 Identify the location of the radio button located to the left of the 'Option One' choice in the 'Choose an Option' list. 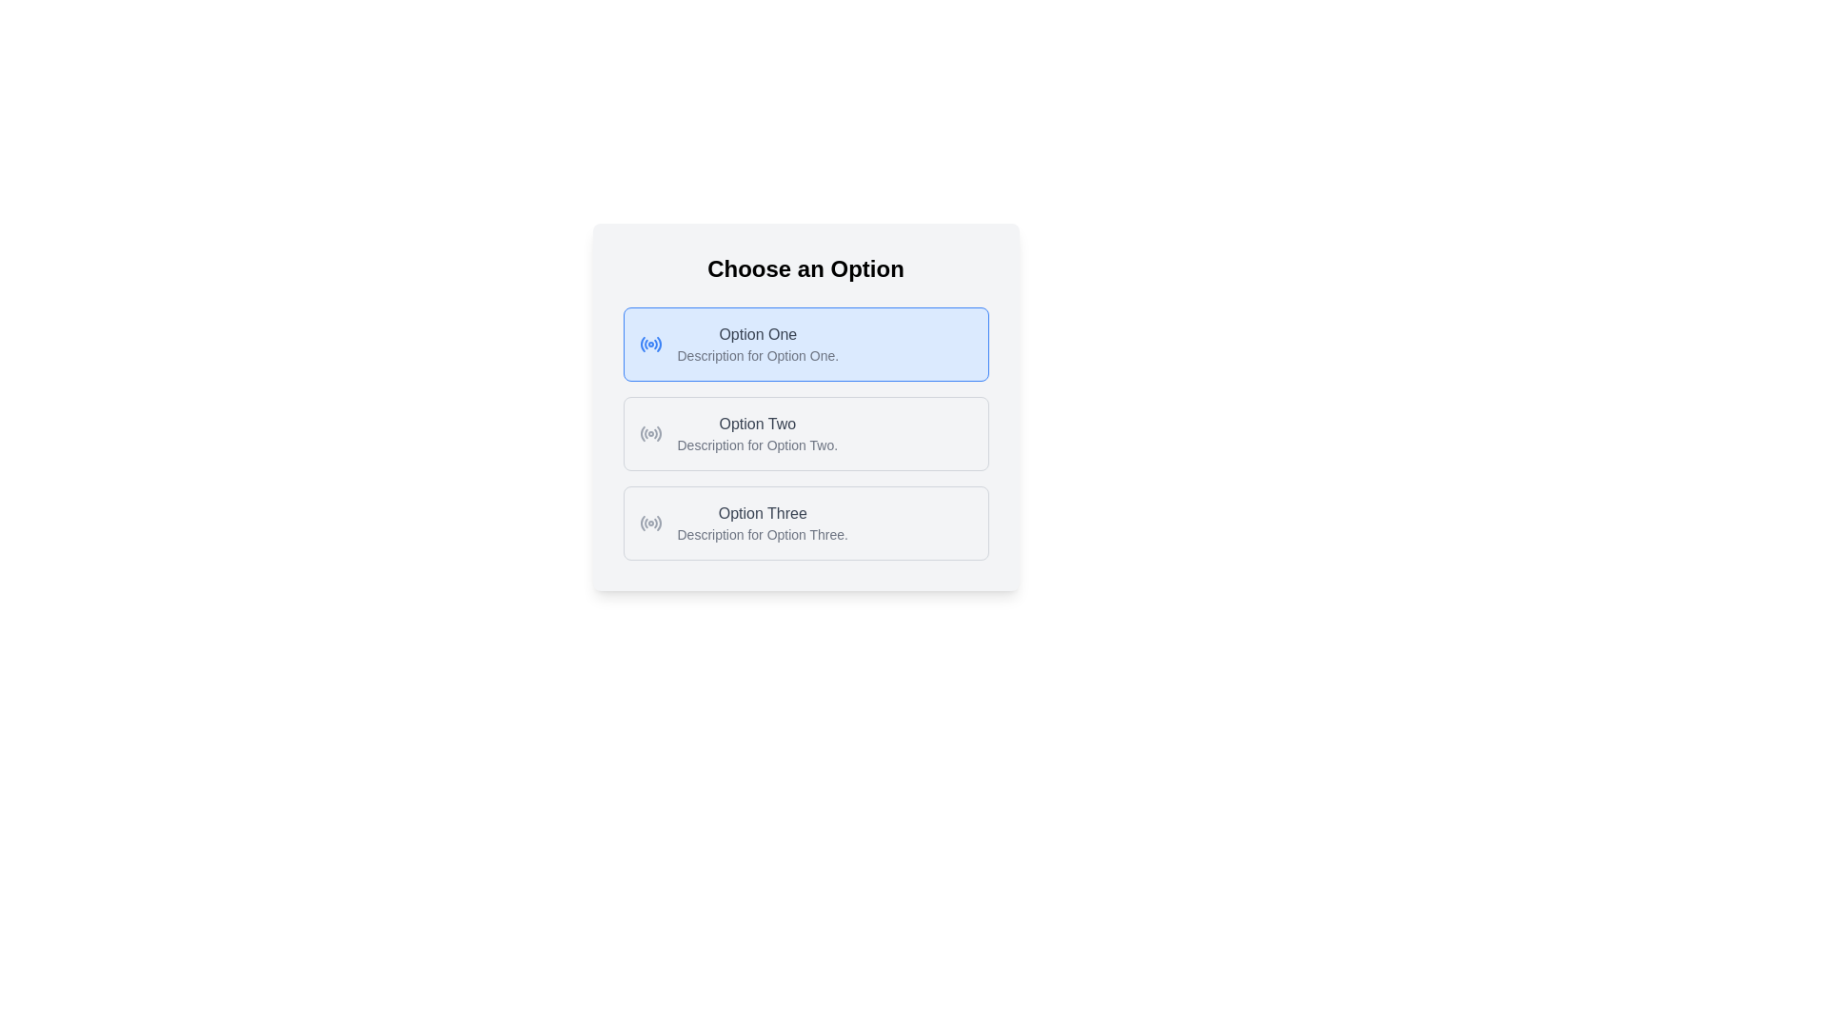
(650, 345).